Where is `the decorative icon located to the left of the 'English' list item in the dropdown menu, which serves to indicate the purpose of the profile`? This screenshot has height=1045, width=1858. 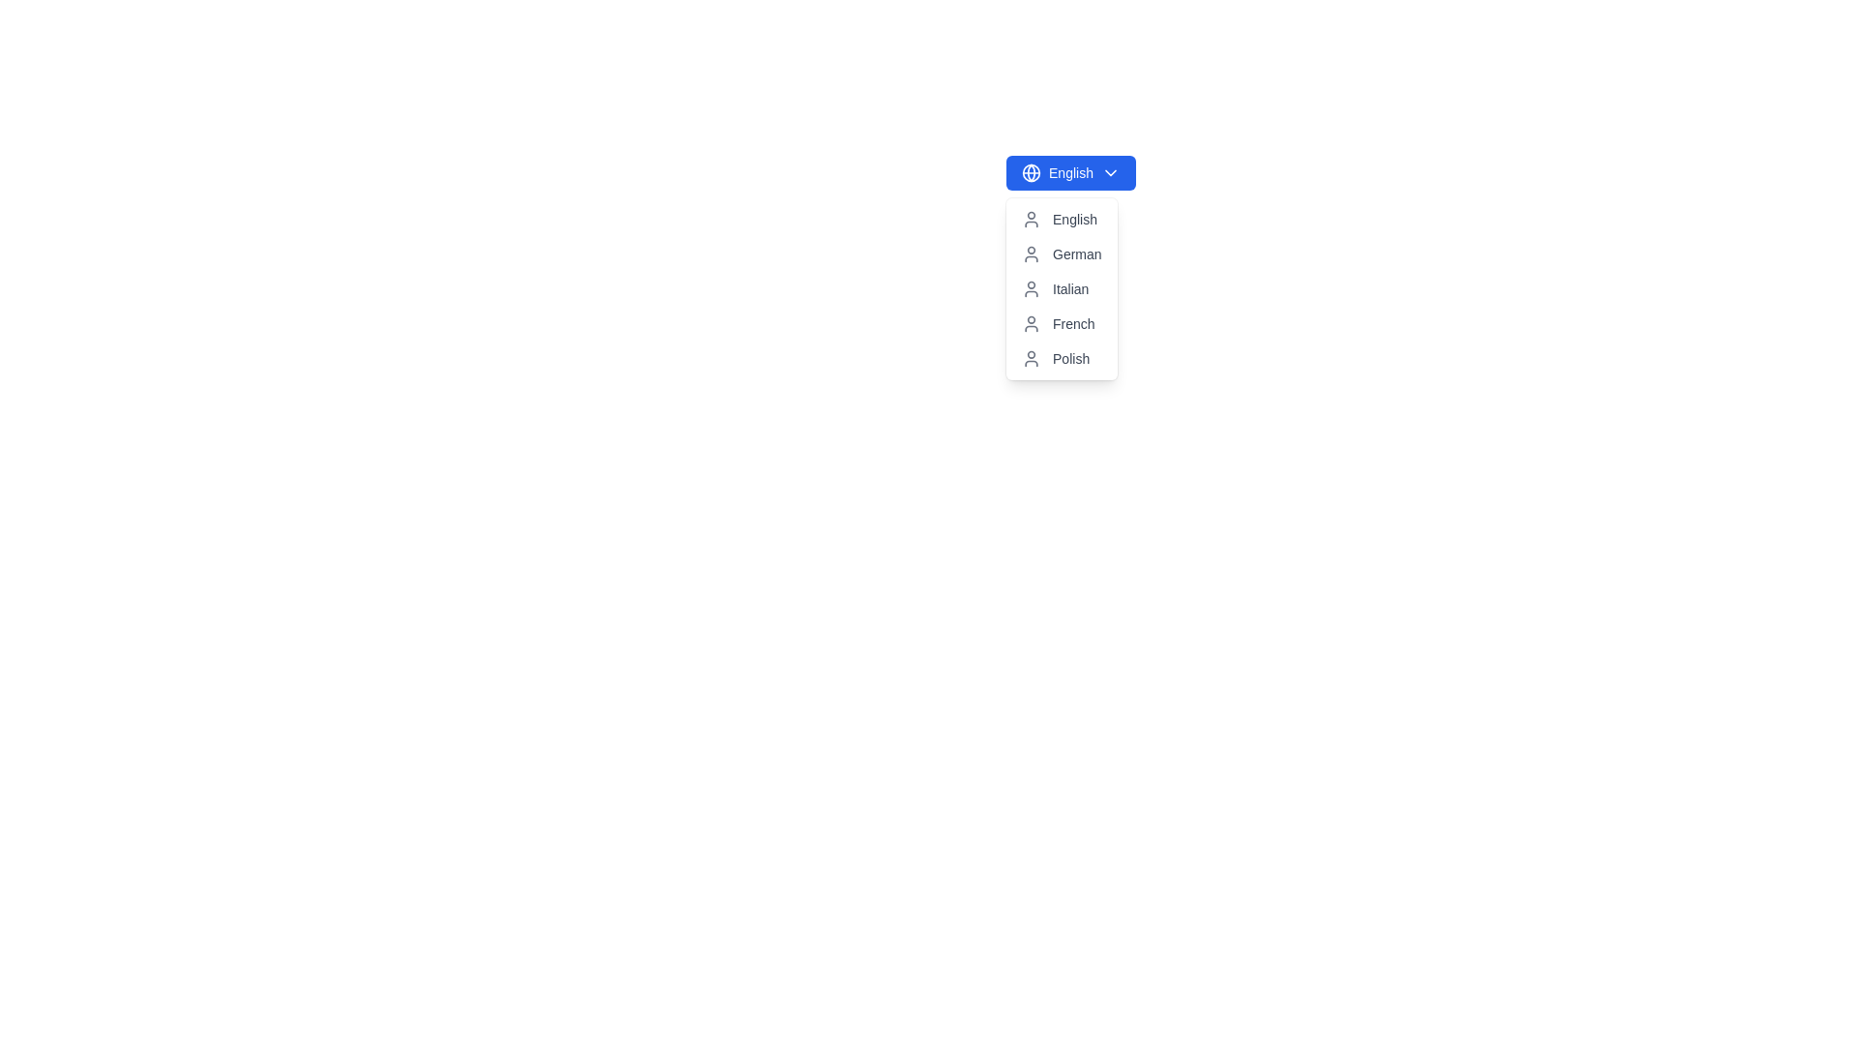 the decorative icon located to the left of the 'English' list item in the dropdown menu, which serves to indicate the purpose of the profile is located at coordinates (1030, 219).